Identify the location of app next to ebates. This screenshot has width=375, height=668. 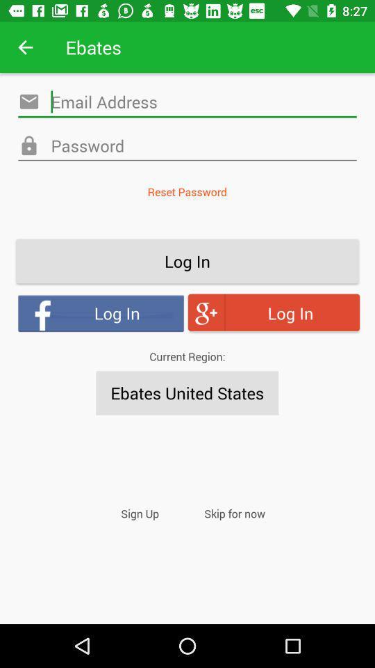
(25, 47).